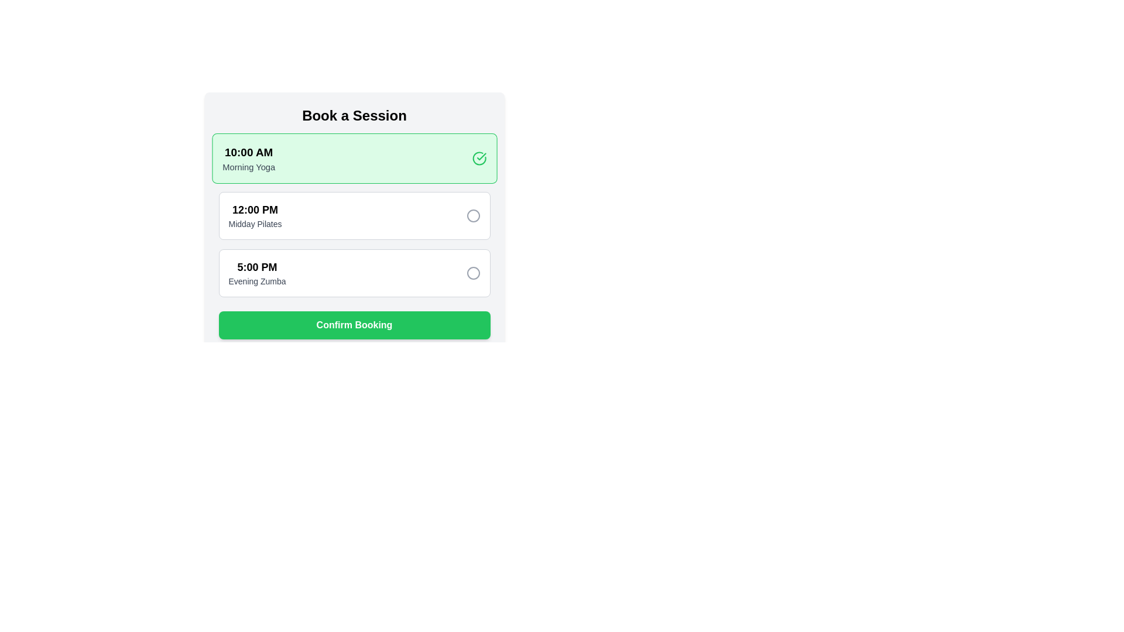 The height and width of the screenshot is (632, 1124). What do you see at coordinates (473, 216) in the screenshot?
I see `the radio button located to the right of the '12:00 PM - Midday Pilates' session` at bounding box center [473, 216].